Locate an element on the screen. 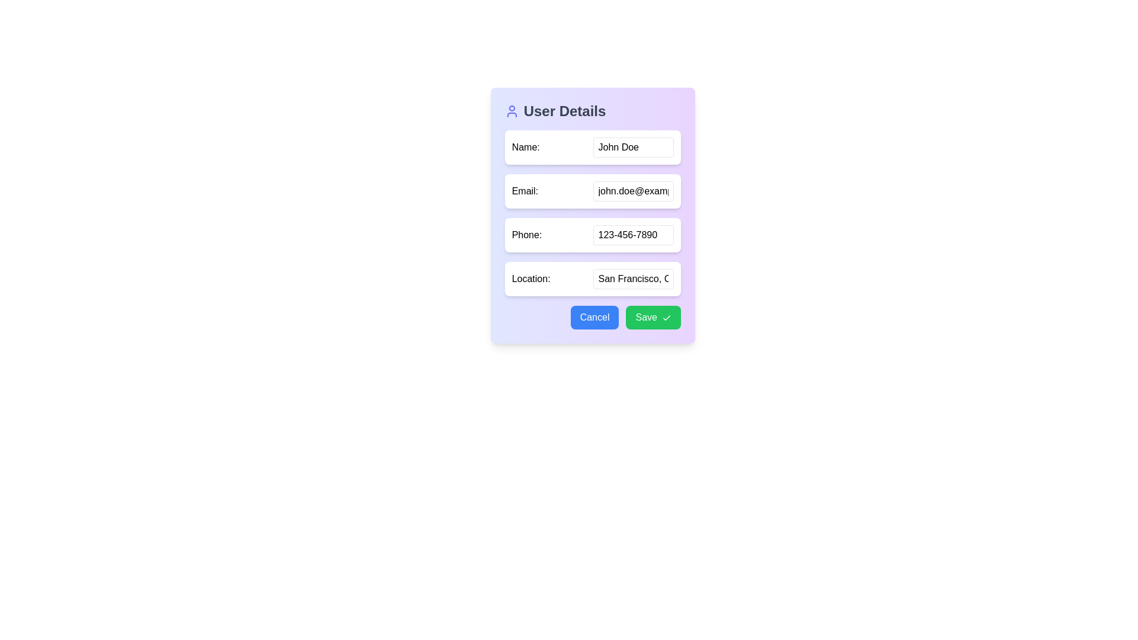 The image size is (1138, 640). the label element for the phone number input field, which provides context for the expected data type in the user details card interface is located at coordinates (526, 235).